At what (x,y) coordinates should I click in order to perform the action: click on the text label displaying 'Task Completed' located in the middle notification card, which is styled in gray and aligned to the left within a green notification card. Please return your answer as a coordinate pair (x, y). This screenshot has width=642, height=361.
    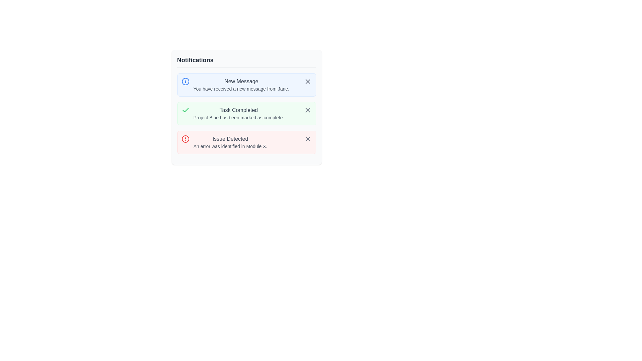
    Looking at the image, I should click on (238, 110).